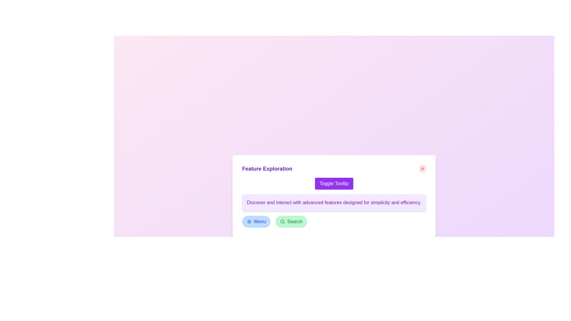  I want to click on the small red cross icon in the top-right corner of the 'Feature Exploration' card, so click(422, 169).